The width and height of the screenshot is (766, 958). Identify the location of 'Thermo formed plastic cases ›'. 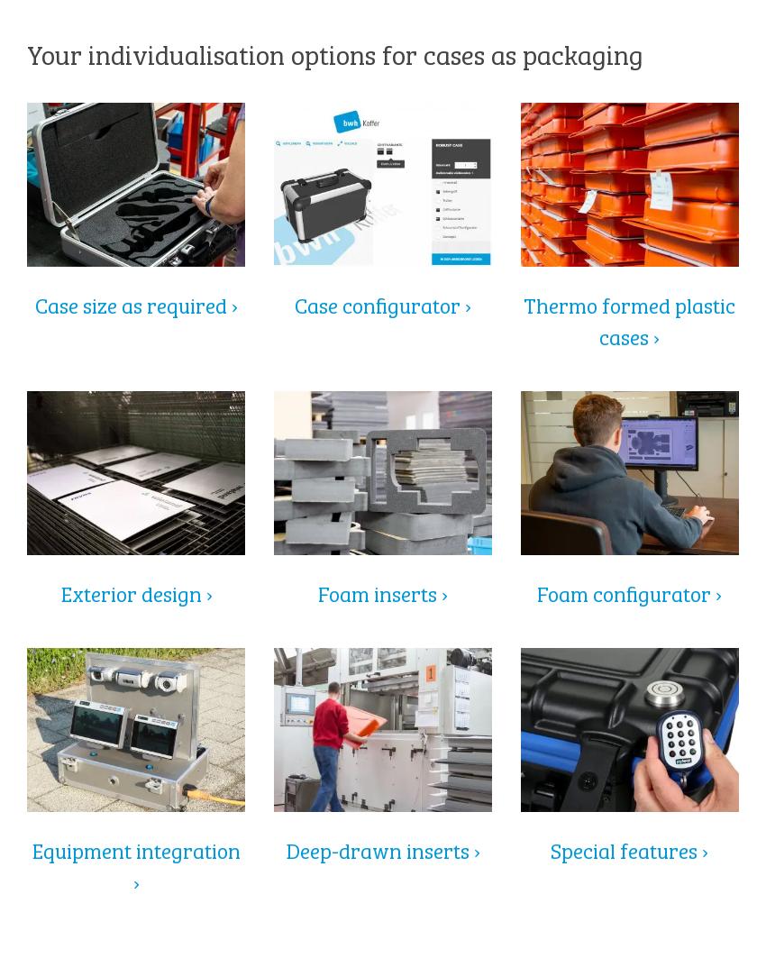
(628, 319).